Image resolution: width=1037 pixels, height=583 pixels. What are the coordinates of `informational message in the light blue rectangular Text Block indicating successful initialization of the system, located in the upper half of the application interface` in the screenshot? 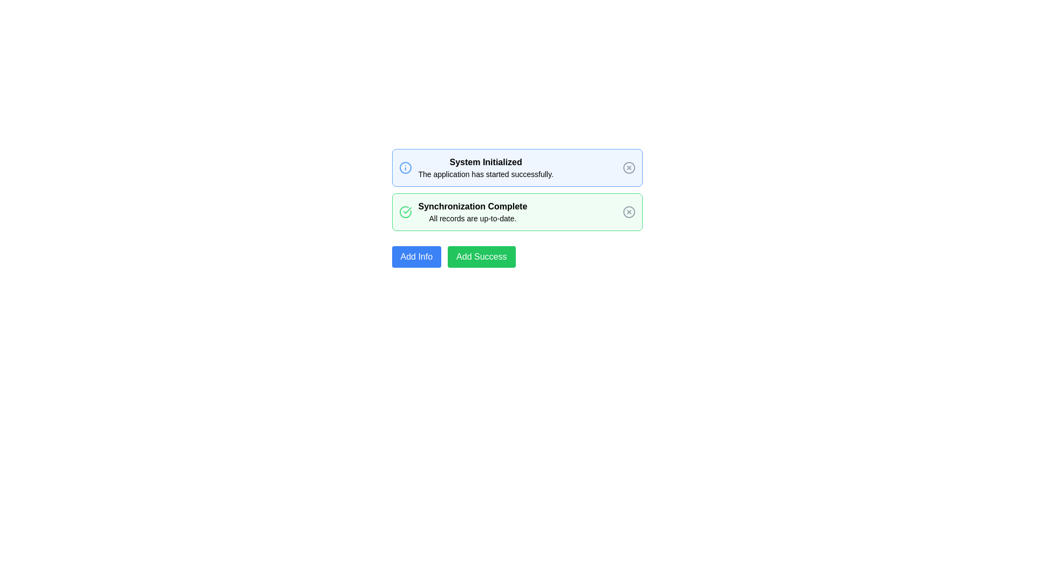 It's located at (485, 168).